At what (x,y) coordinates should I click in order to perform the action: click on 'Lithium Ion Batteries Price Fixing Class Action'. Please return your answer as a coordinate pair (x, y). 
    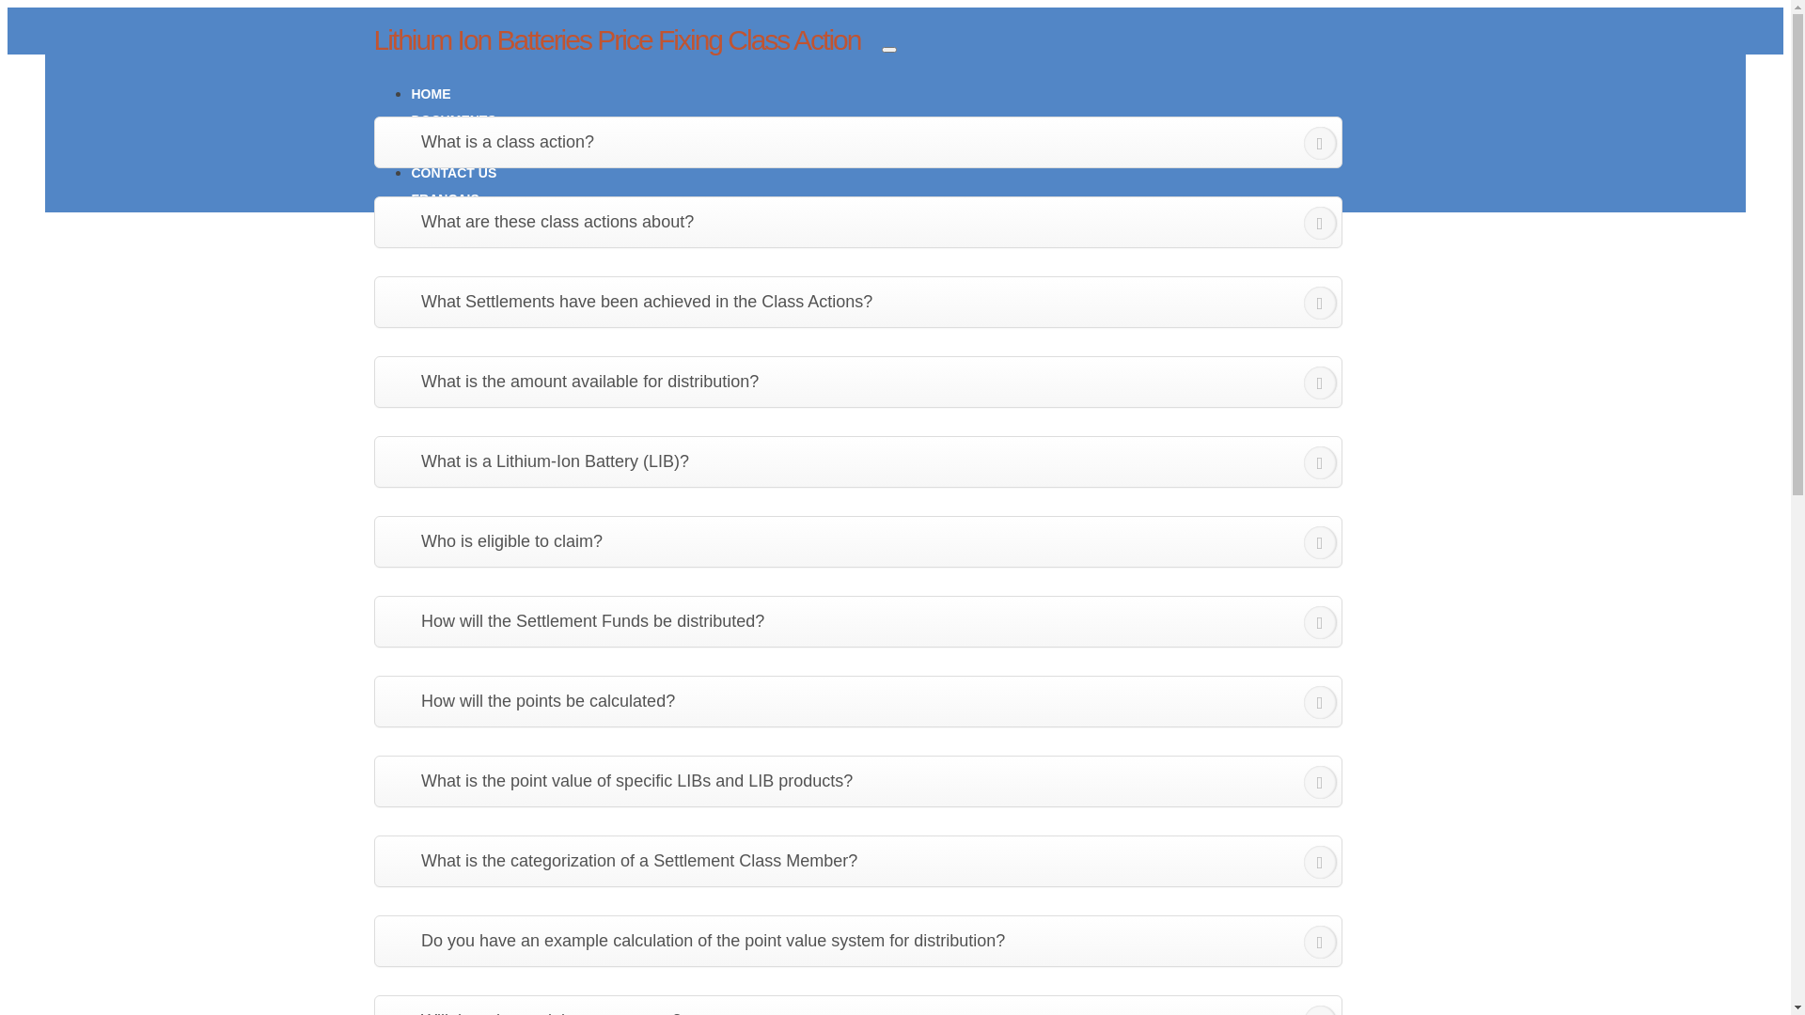
    Looking at the image, I should click on (618, 39).